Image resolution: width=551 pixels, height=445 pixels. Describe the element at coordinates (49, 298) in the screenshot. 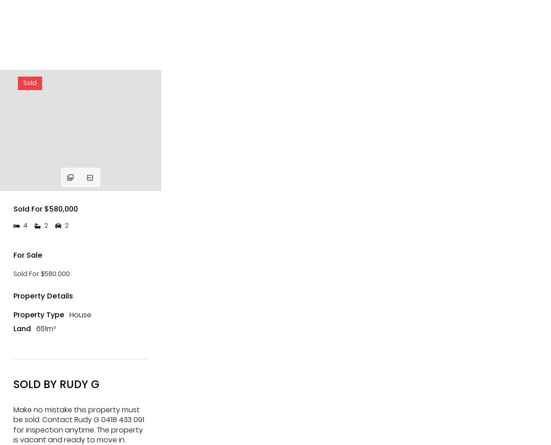

I see `'Price guide'` at that location.